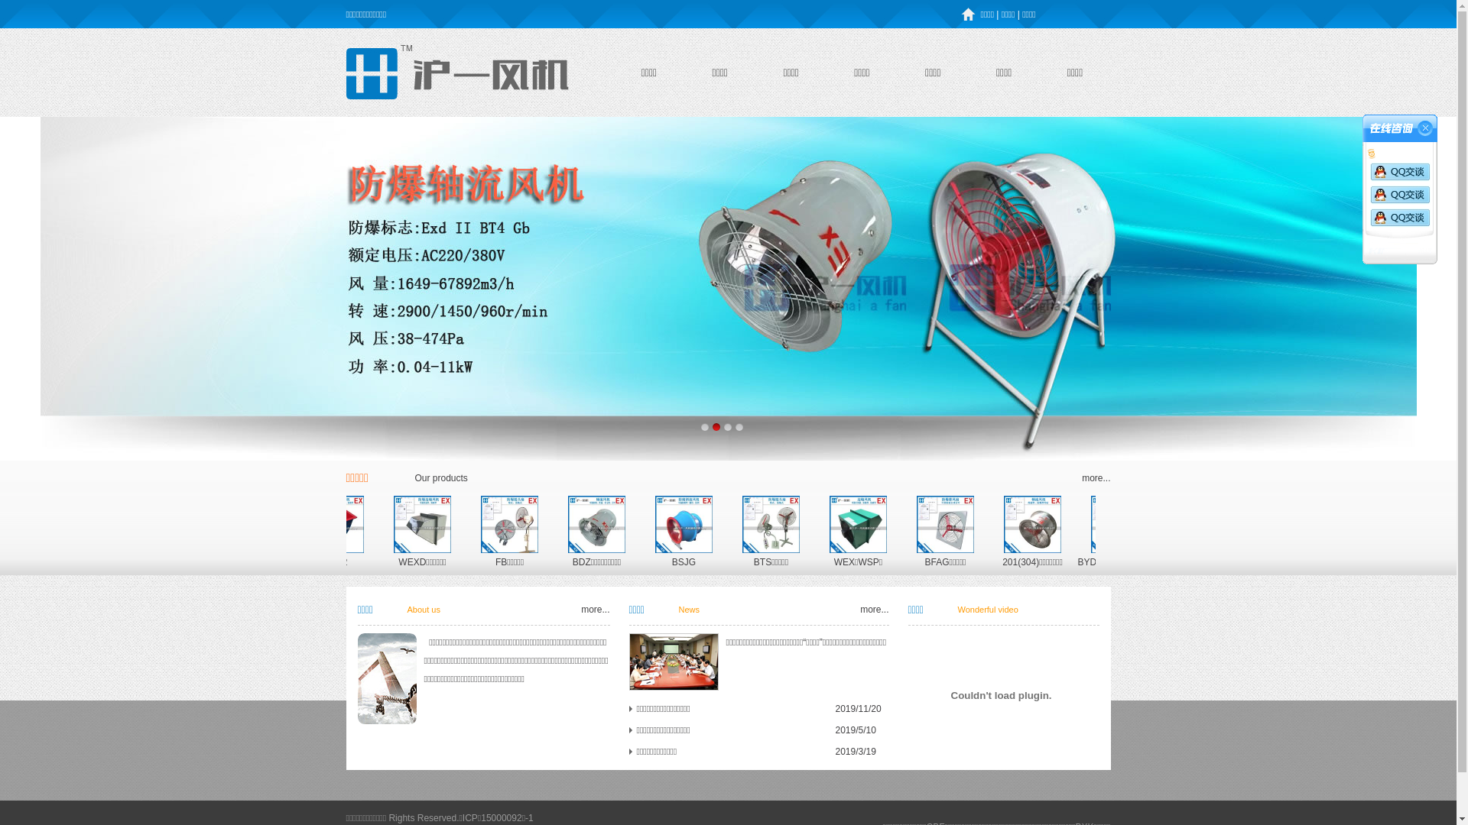 Image resolution: width=1468 pixels, height=825 pixels. What do you see at coordinates (697, 426) in the screenshot?
I see `'1'` at bounding box center [697, 426].